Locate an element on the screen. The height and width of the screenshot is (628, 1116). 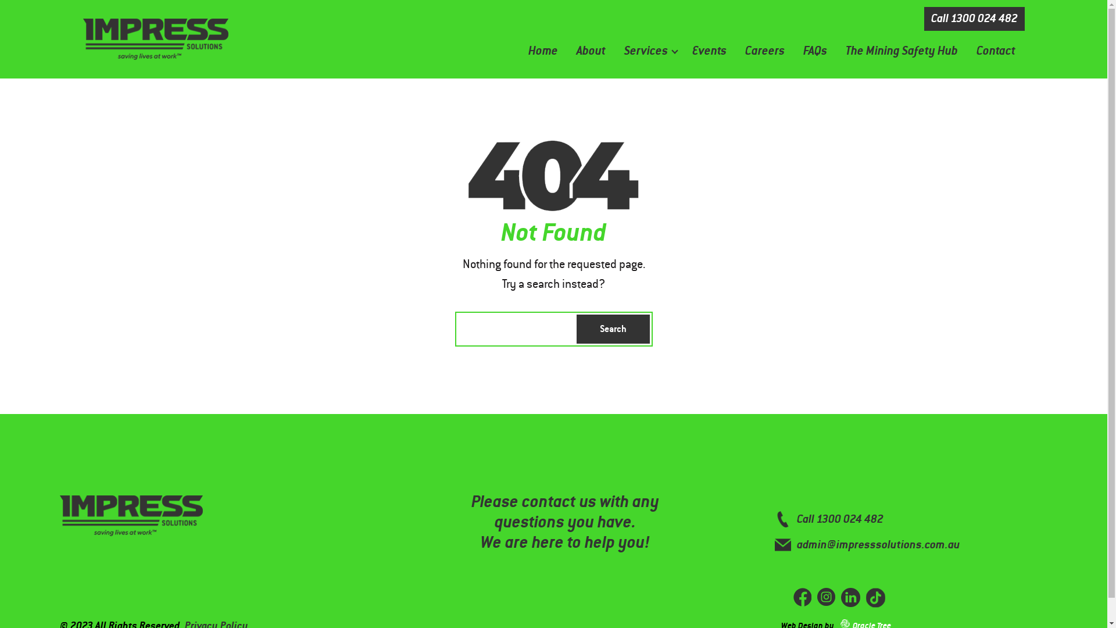
'Careers' is located at coordinates (764, 50).